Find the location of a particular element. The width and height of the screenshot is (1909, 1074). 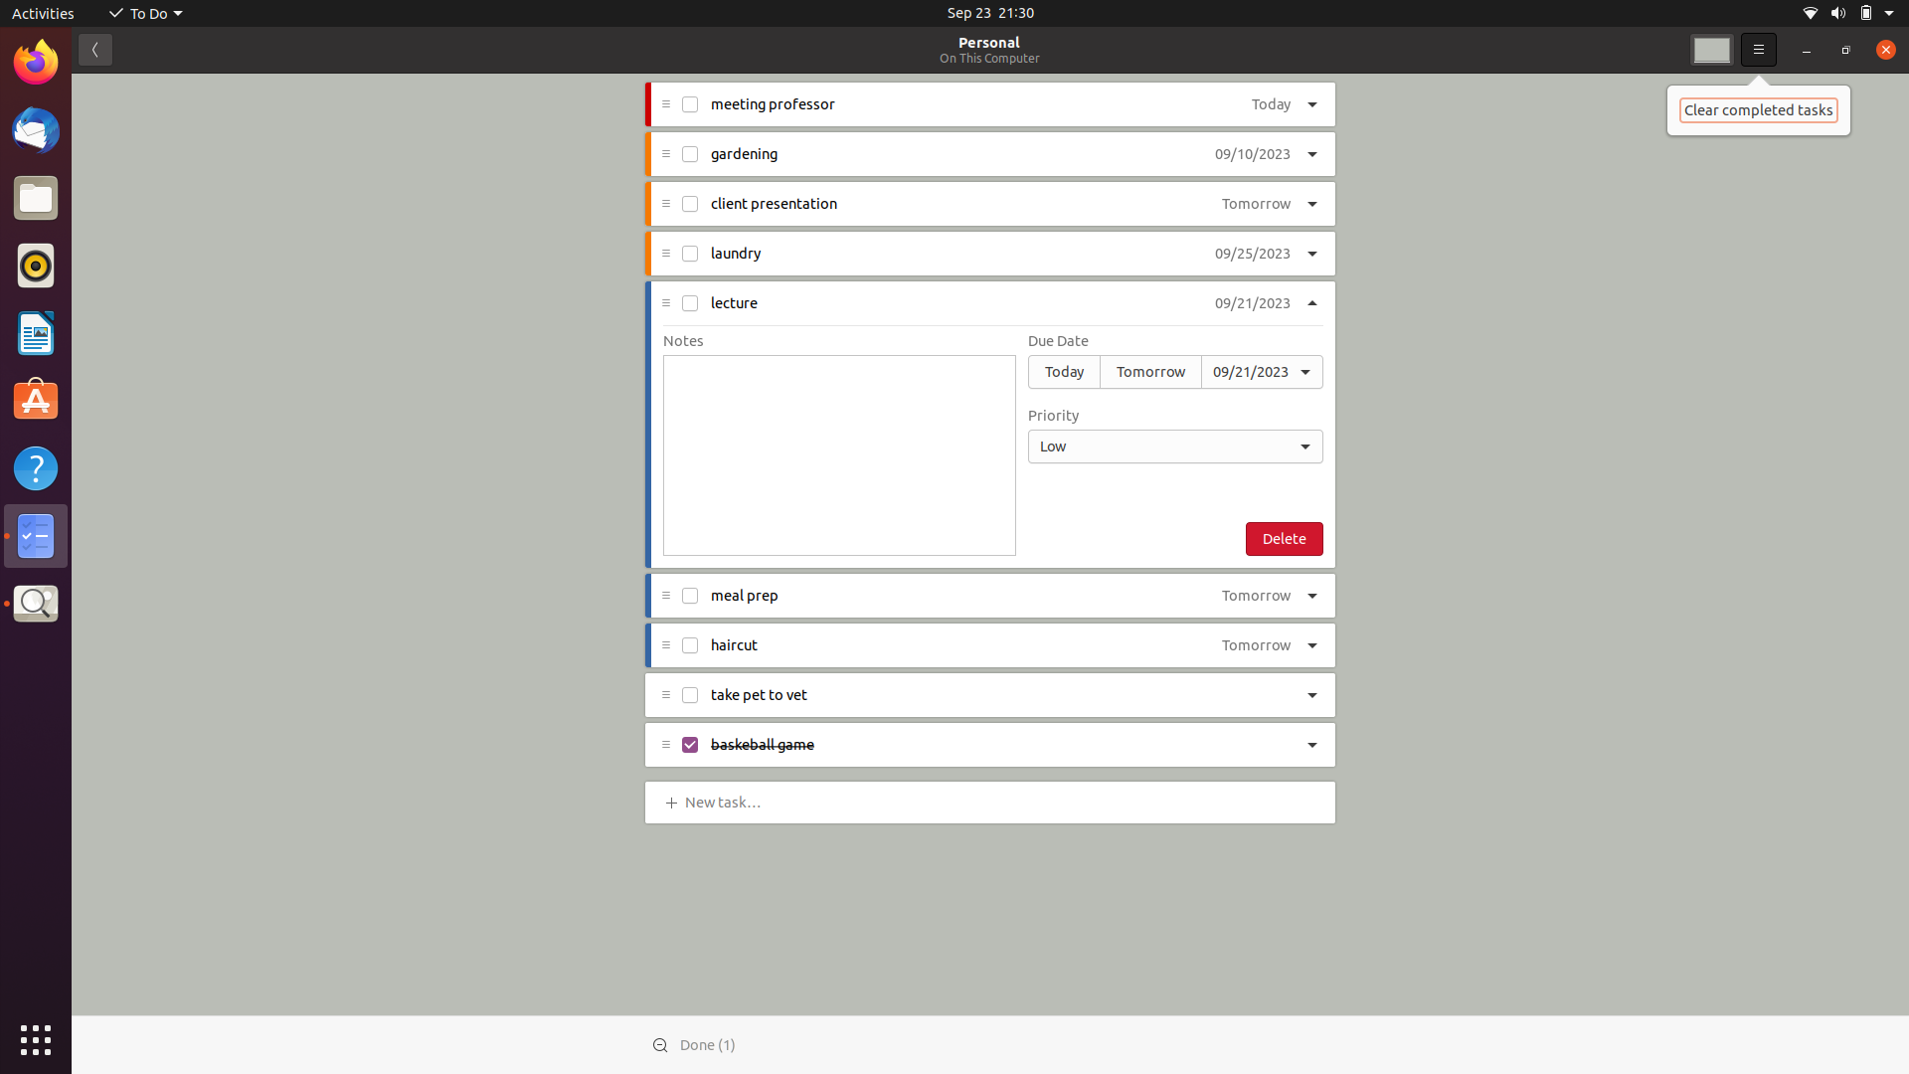

Schedule "gardening" for the upcoming week is located at coordinates (1251, 154).